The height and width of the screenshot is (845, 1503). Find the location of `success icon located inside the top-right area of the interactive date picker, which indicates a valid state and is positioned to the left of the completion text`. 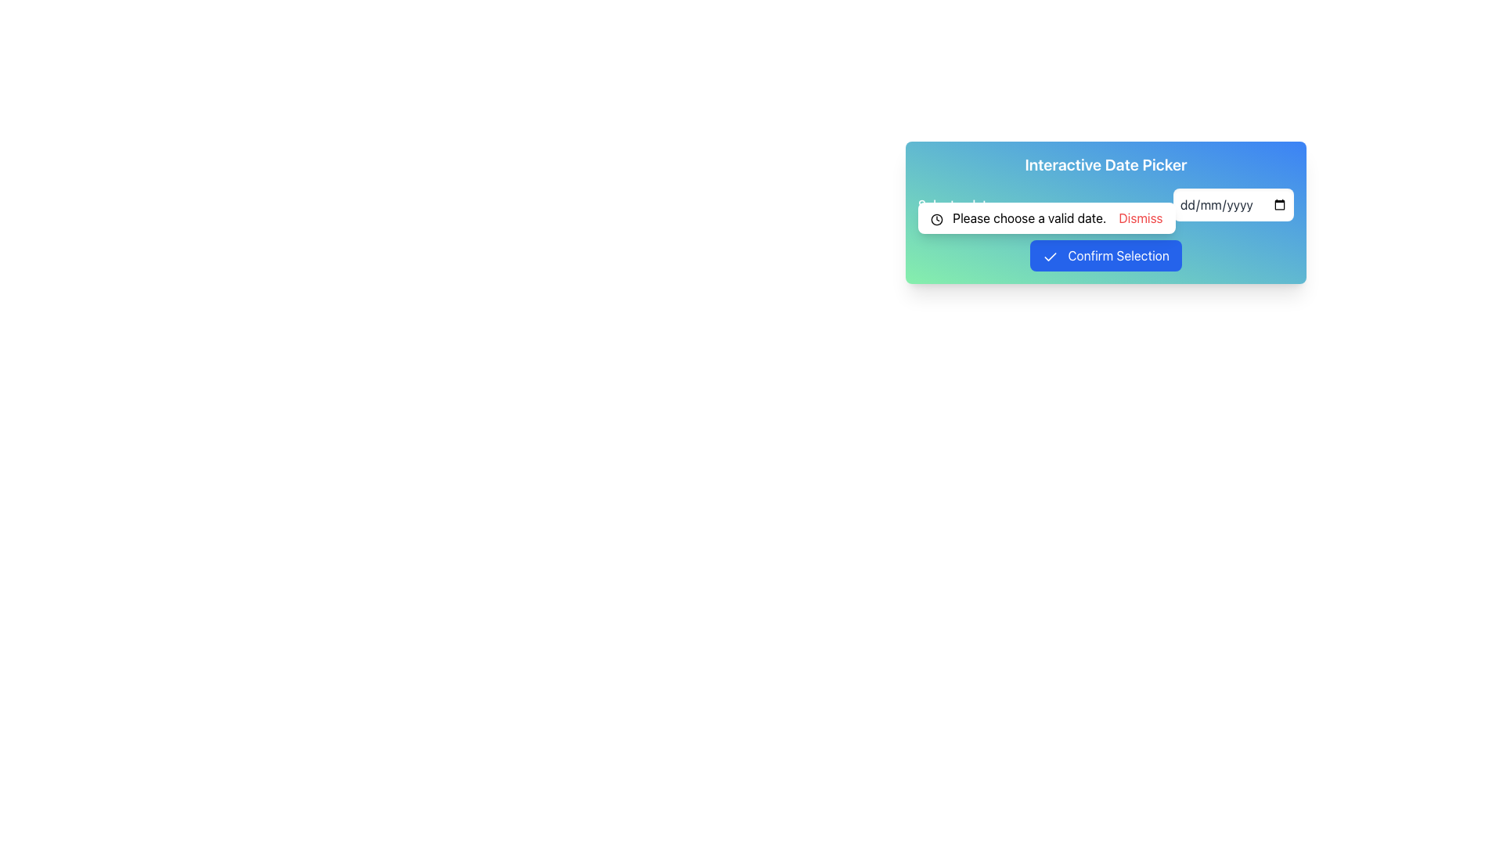

success icon located inside the top-right area of the interactive date picker, which indicates a valid state and is positioned to the left of the completion text is located at coordinates (1051, 256).